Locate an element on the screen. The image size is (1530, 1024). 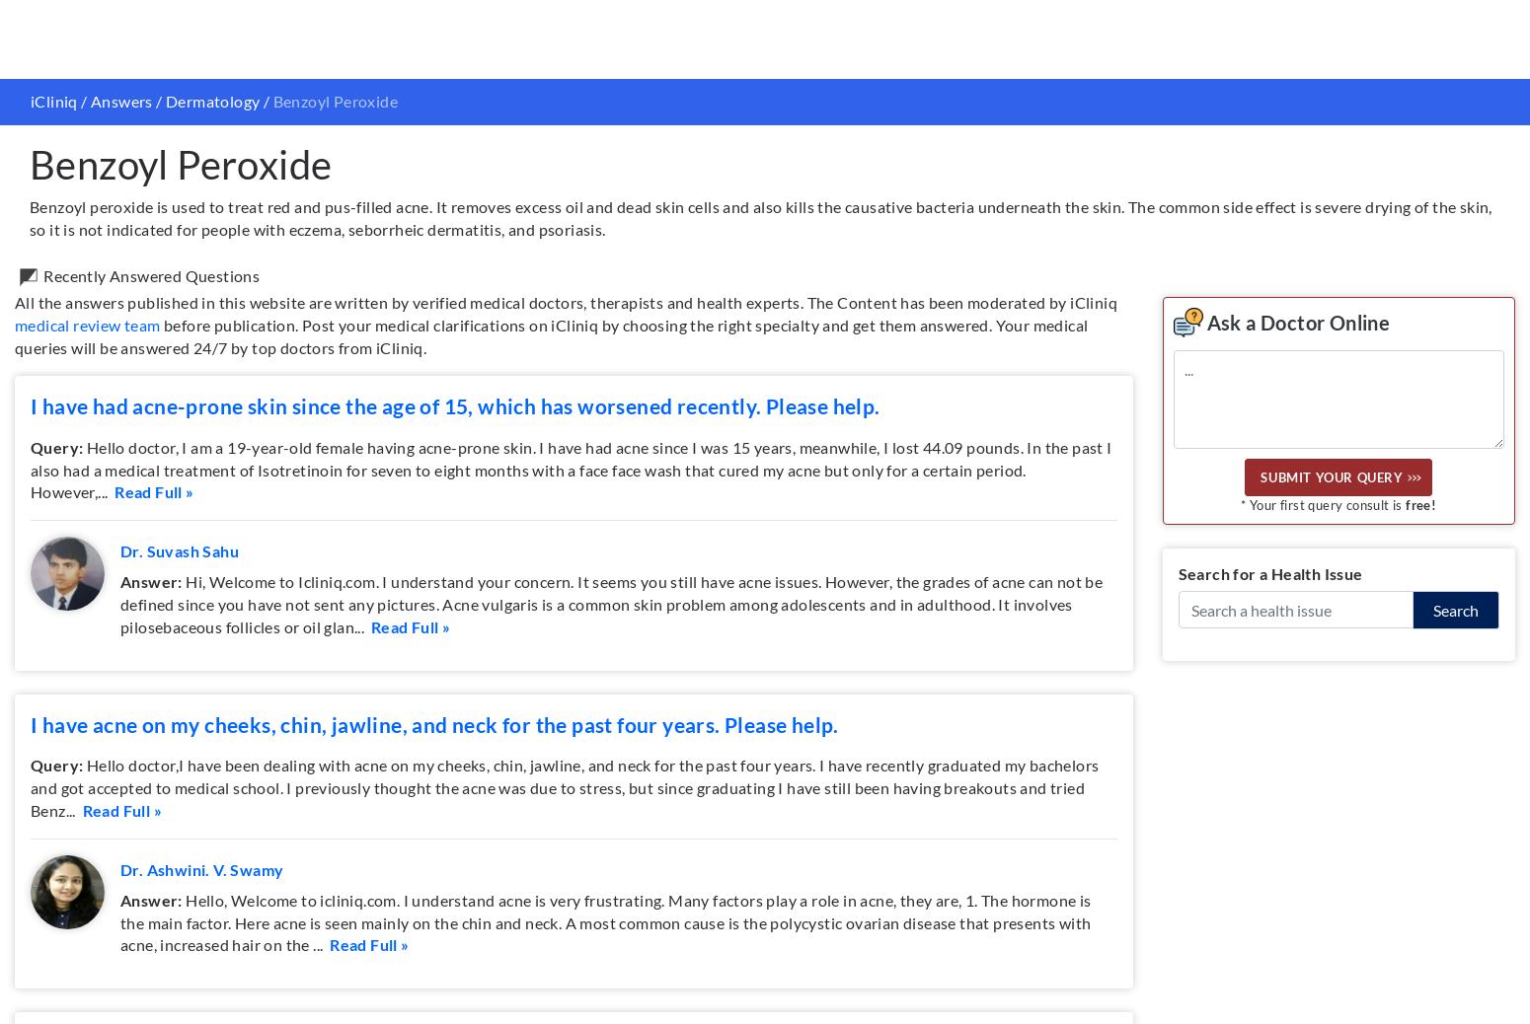
'Careers' is located at coordinates (525, 768).